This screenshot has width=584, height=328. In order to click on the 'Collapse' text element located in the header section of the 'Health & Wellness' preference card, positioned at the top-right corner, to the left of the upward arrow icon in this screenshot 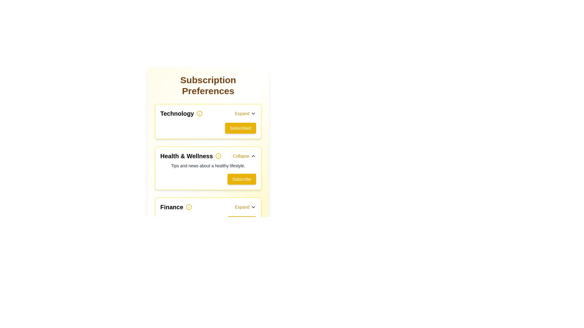, I will do `click(241, 155)`.